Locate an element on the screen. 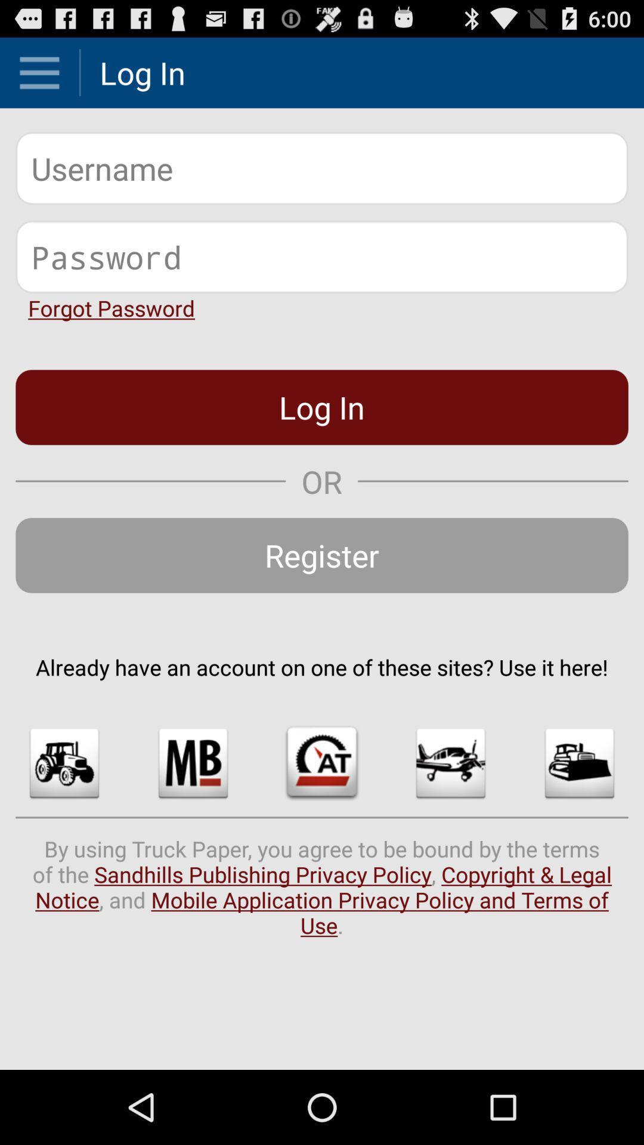 The width and height of the screenshot is (644, 1145). the item above log in is located at coordinates (112, 308).